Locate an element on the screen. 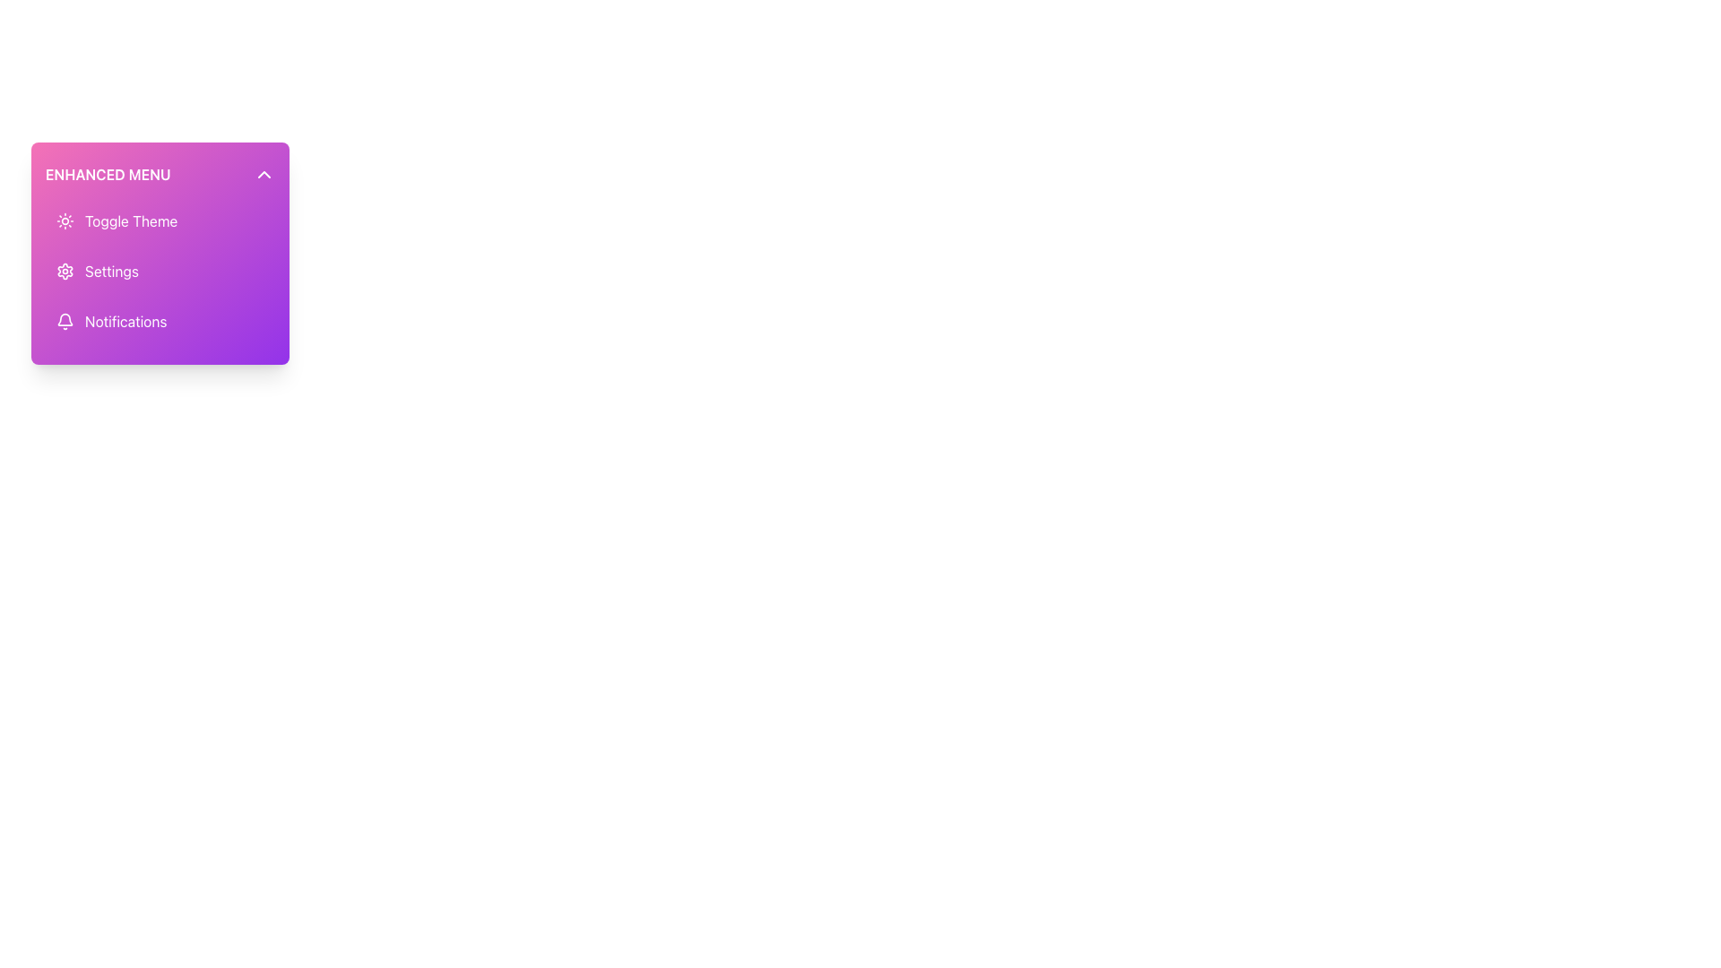 The height and width of the screenshot is (968, 1721). the 'Toggle Theme' button with a gradient purple background is located at coordinates (160, 220).